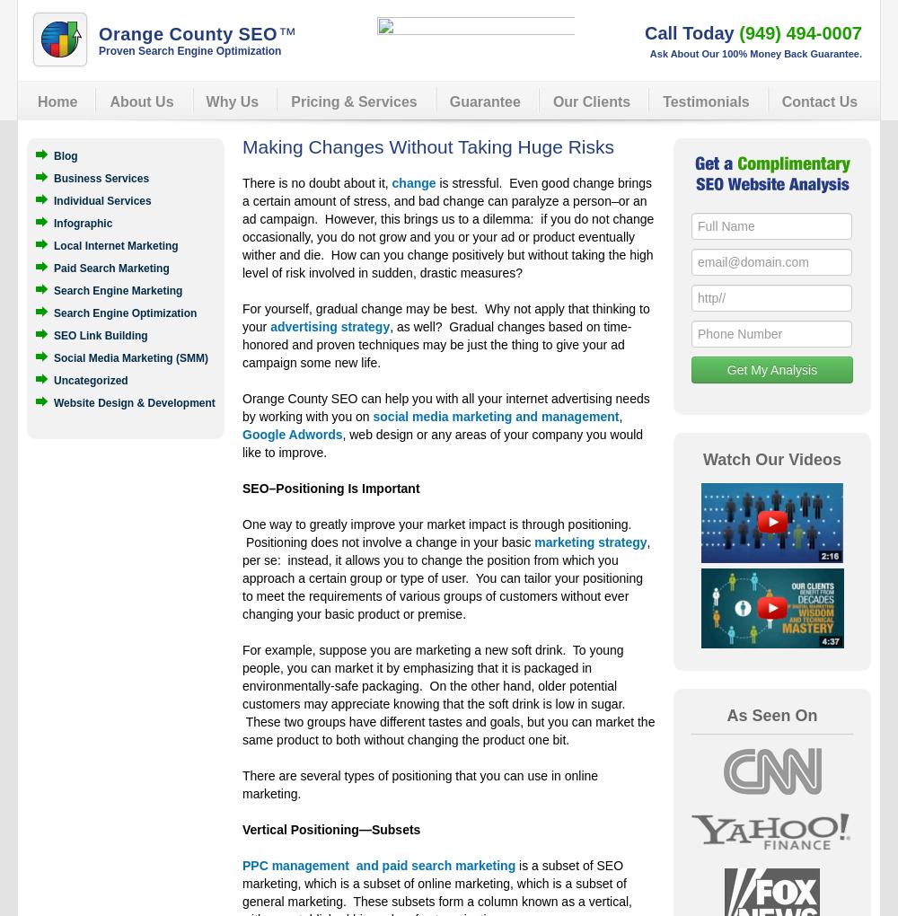  What do you see at coordinates (330, 830) in the screenshot?
I see `'Vertical Positioning—Subsets'` at bounding box center [330, 830].